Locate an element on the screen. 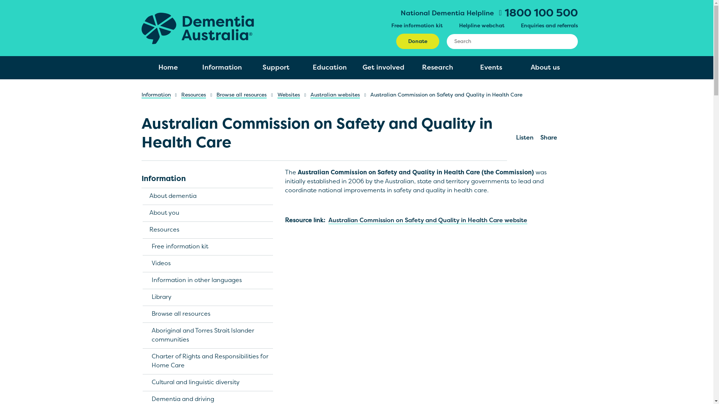 The width and height of the screenshot is (719, 404). 'About you' is located at coordinates (208, 213).